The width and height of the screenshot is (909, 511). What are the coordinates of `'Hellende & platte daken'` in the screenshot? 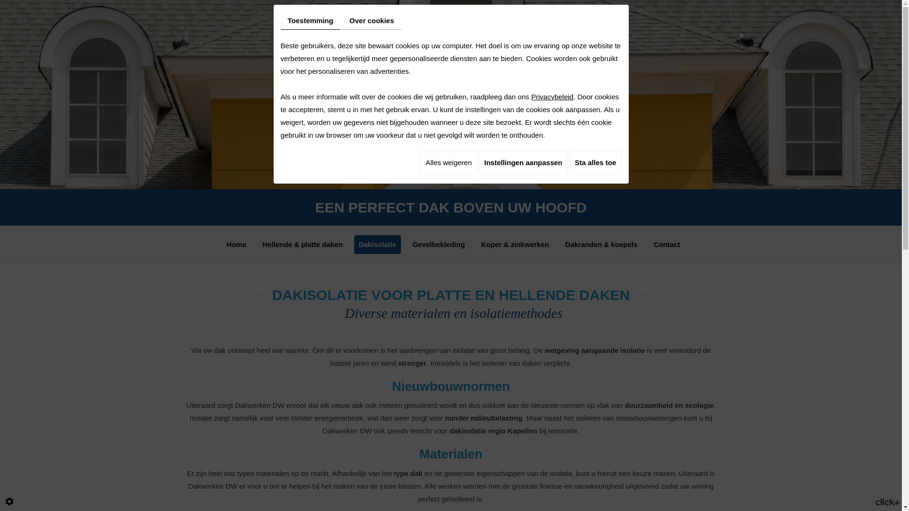 It's located at (257, 244).